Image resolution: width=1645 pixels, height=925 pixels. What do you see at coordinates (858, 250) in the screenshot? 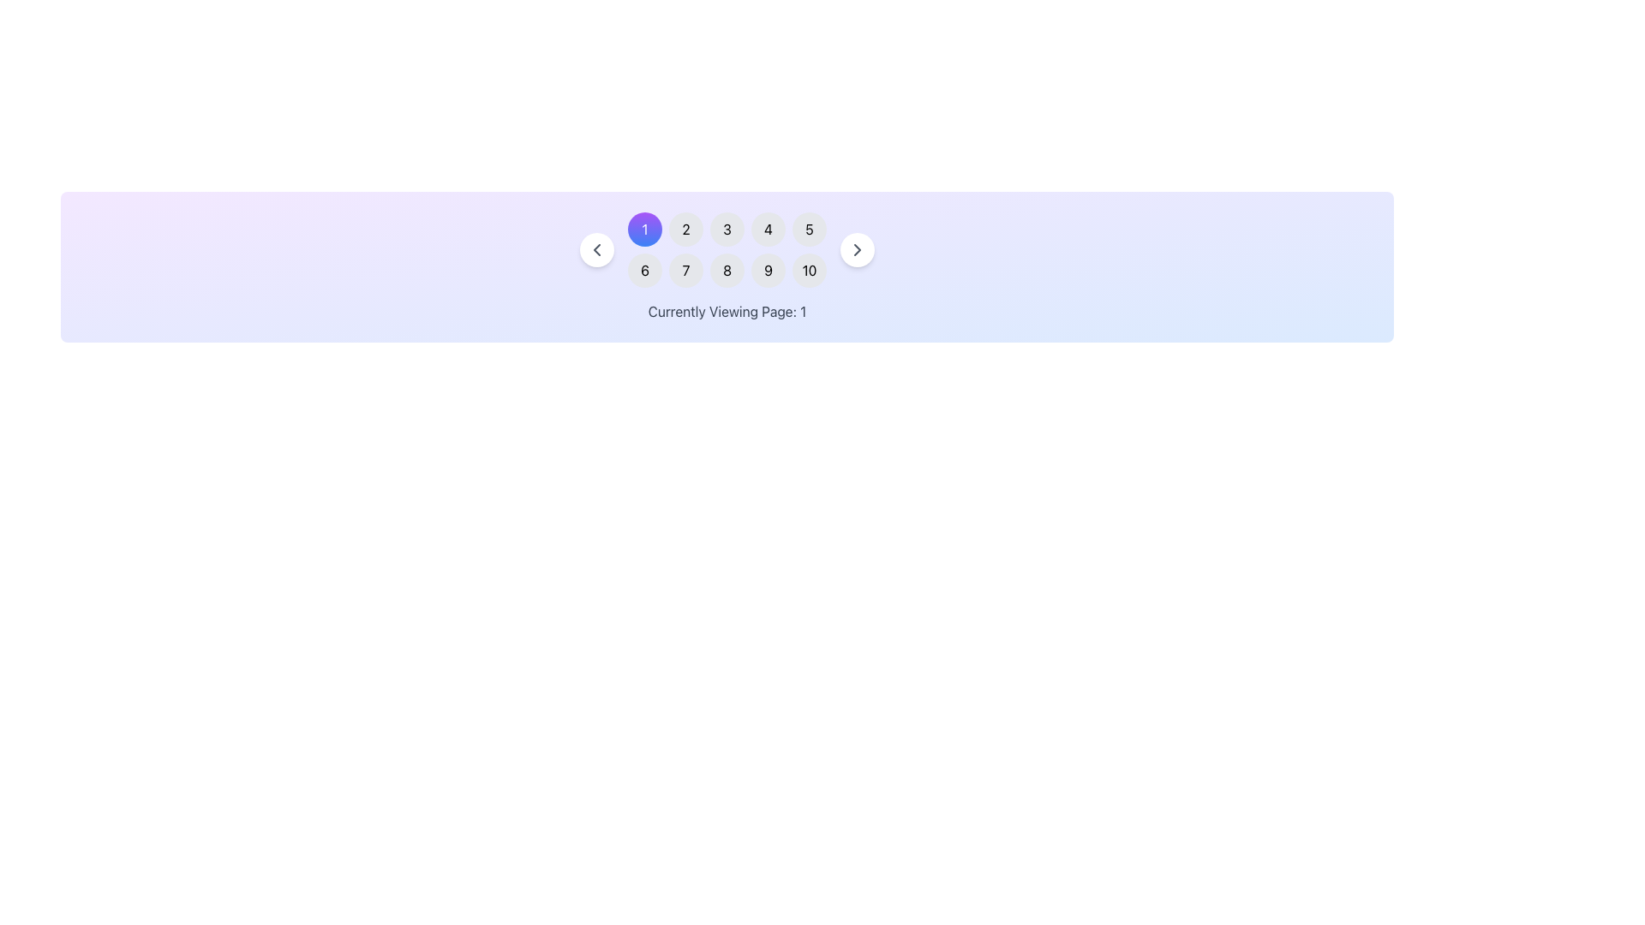
I see `the 'Next Page' button located in the pagination section on the rightmost side` at bounding box center [858, 250].